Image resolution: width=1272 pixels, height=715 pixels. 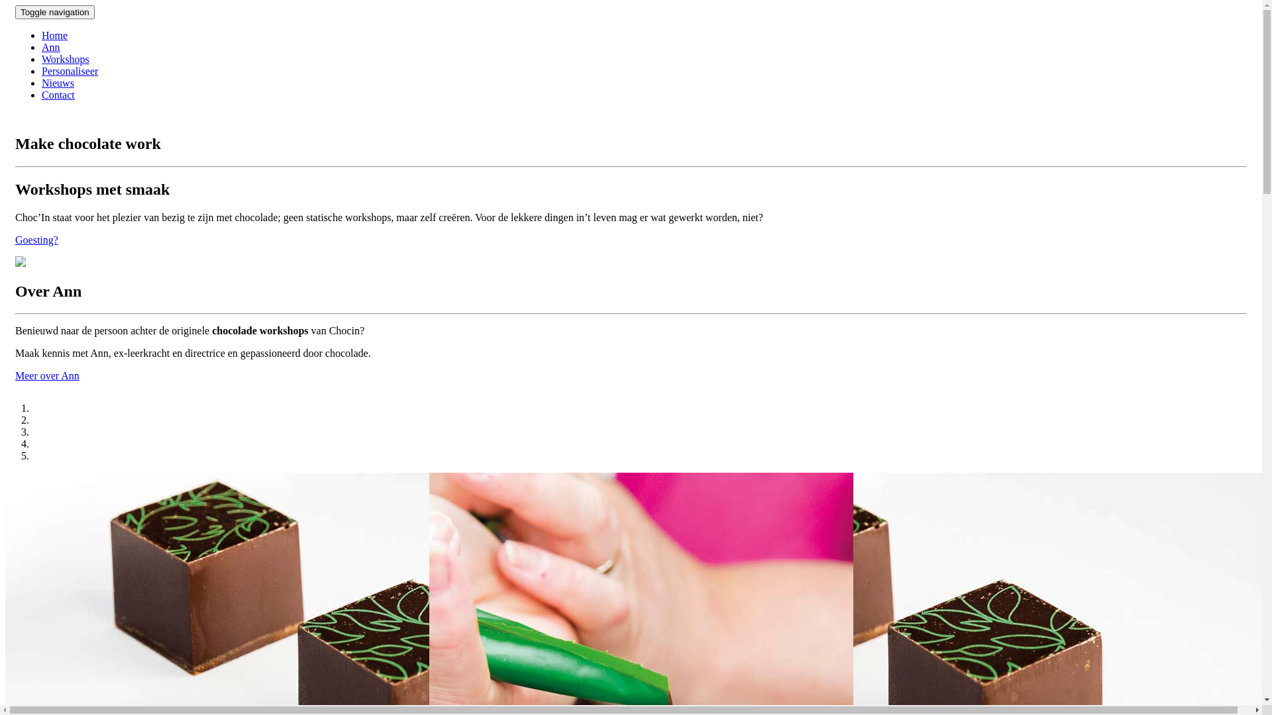 What do you see at coordinates (57, 83) in the screenshot?
I see `'Nieuws'` at bounding box center [57, 83].